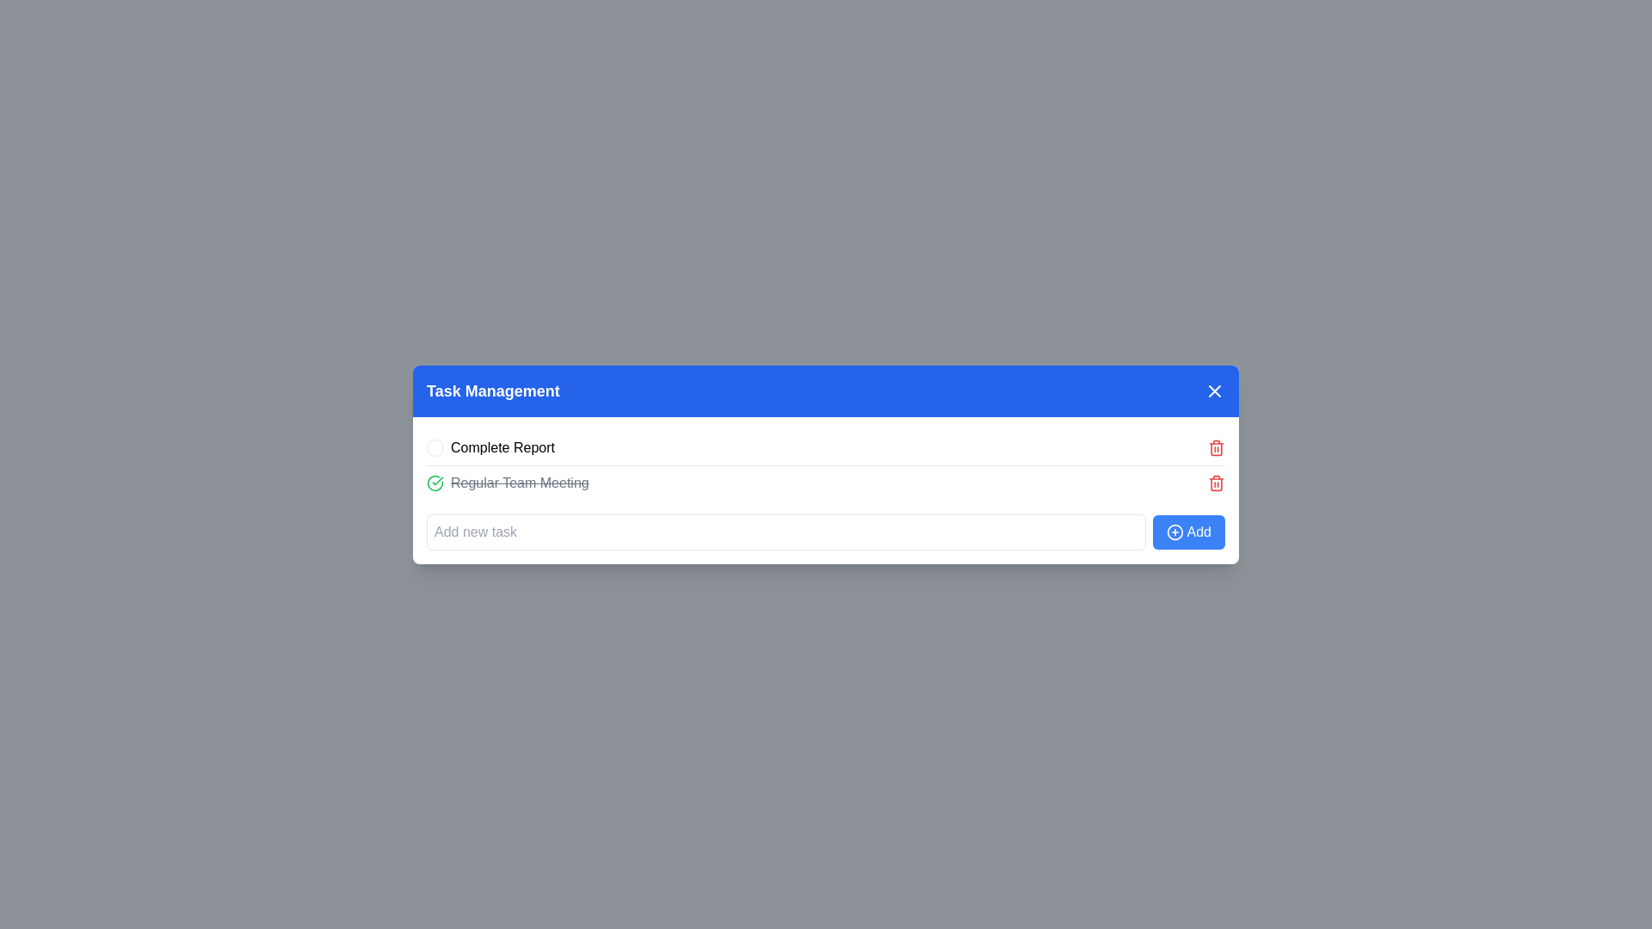 The height and width of the screenshot is (929, 1652). Describe the element at coordinates (1174, 531) in the screenshot. I see `the circular add icon within the blue add button located at the bottom-right of the task management interface` at that location.